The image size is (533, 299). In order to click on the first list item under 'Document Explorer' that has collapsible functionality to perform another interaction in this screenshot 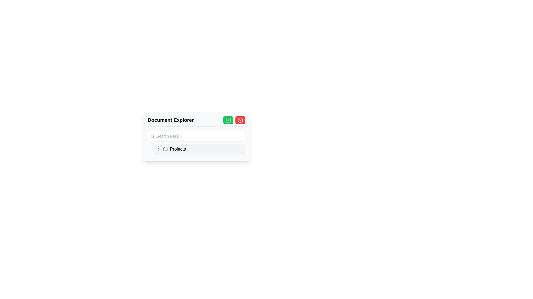, I will do `click(200, 149)`.